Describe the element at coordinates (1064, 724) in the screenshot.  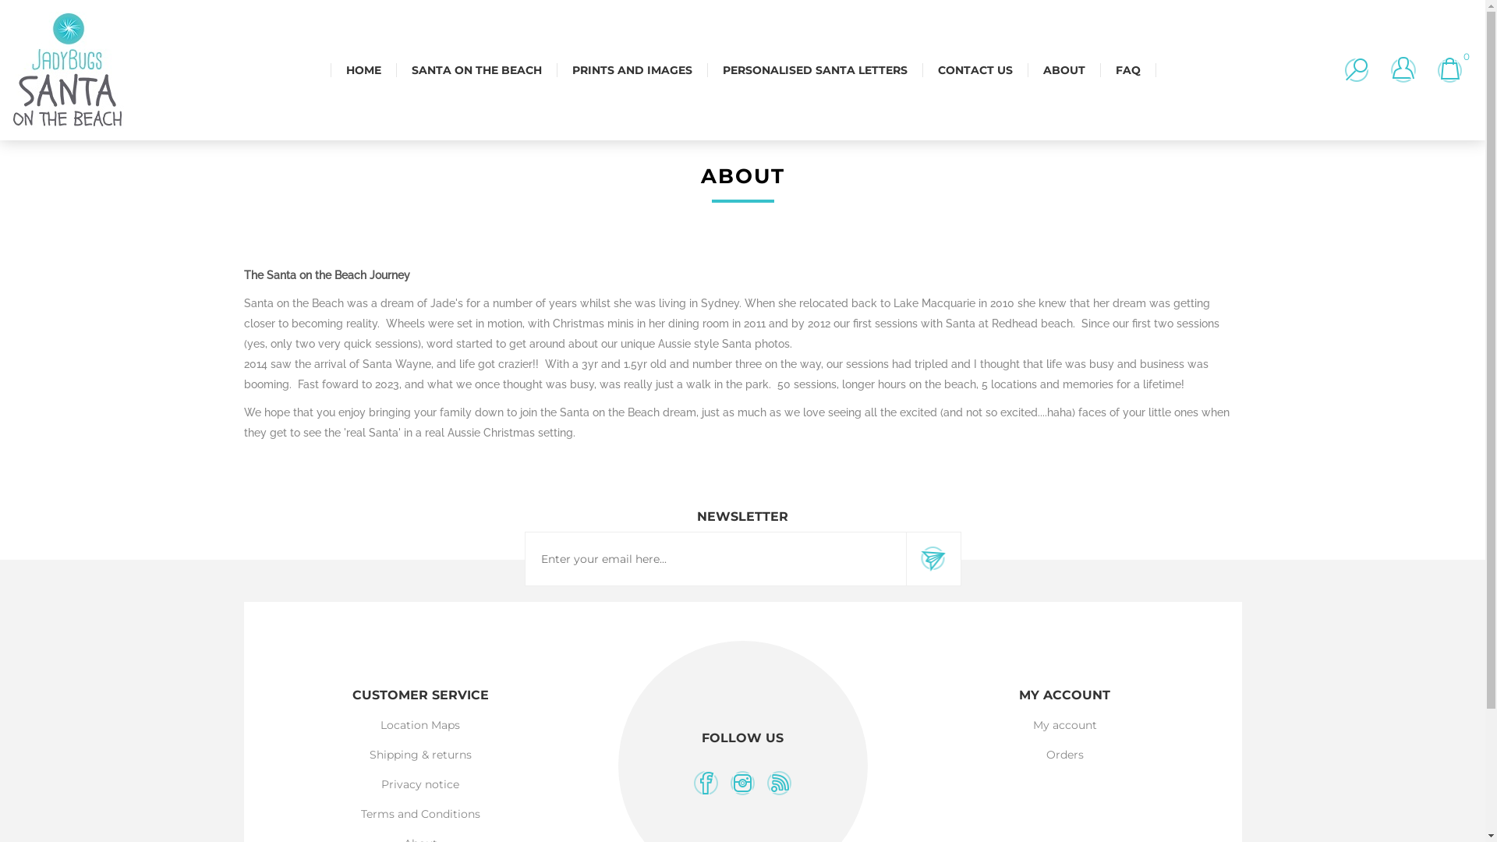
I see `'My account'` at that location.